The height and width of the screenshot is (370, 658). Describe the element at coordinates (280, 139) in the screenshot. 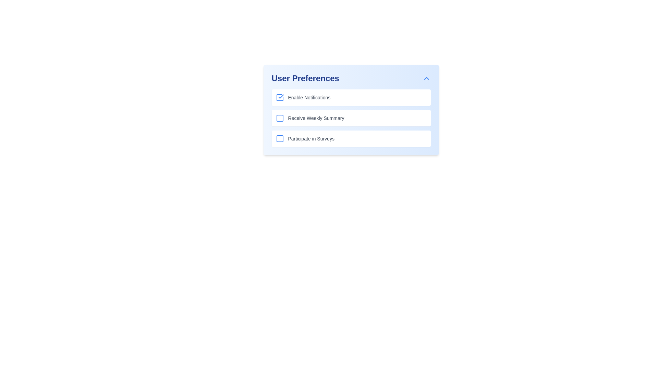

I see `the checkbox for 'Participate in Surveys'` at that location.